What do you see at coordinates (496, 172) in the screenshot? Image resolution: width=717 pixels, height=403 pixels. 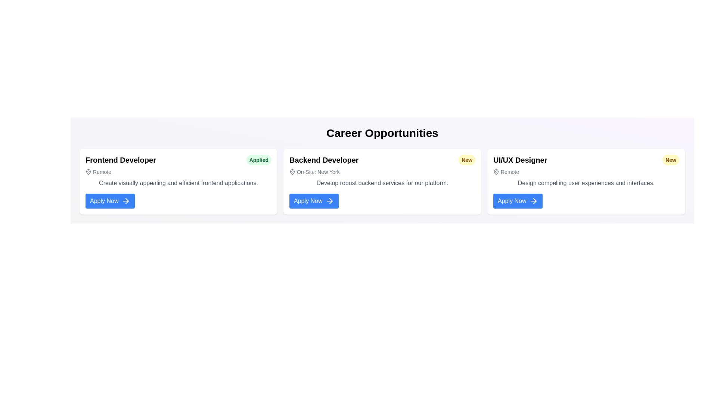 I see `the 'Remote' icon in the 'UI/UX Designer' job card, which is located to the left of the text 'Remote'` at bounding box center [496, 172].